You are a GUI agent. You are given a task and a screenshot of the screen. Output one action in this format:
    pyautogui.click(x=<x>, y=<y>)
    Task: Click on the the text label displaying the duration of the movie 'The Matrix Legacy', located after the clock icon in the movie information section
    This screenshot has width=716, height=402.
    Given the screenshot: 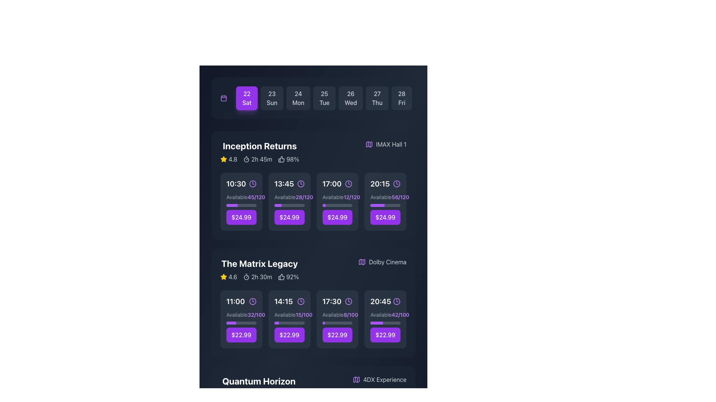 What is the action you would take?
    pyautogui.click(x=261, y=277)
    